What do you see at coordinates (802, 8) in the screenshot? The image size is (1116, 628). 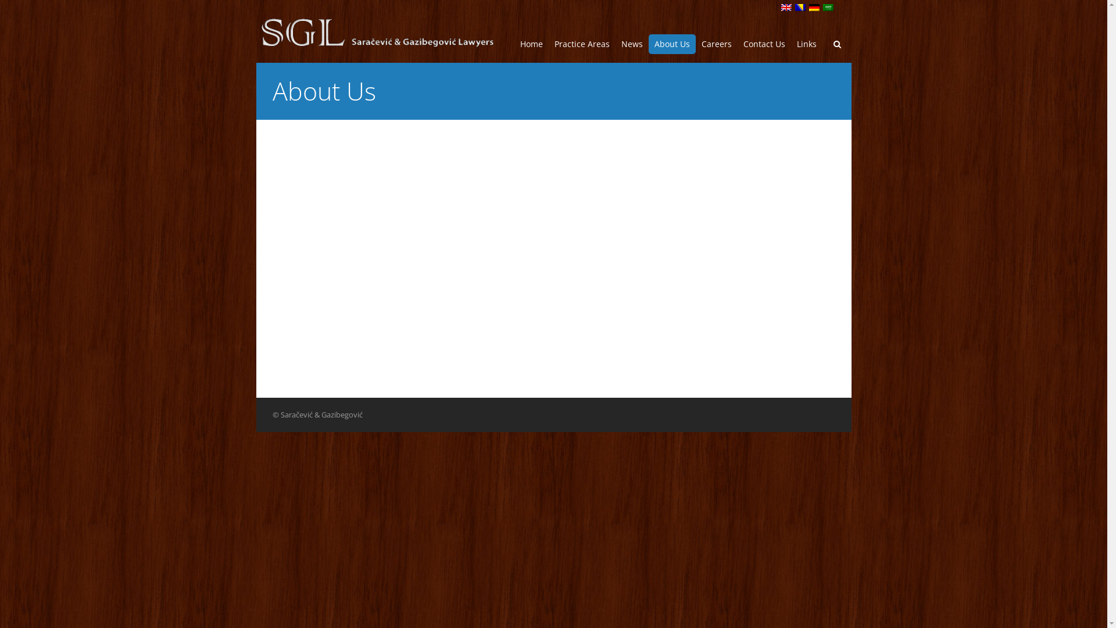 I see `' '` at bounding box center [802, 8].